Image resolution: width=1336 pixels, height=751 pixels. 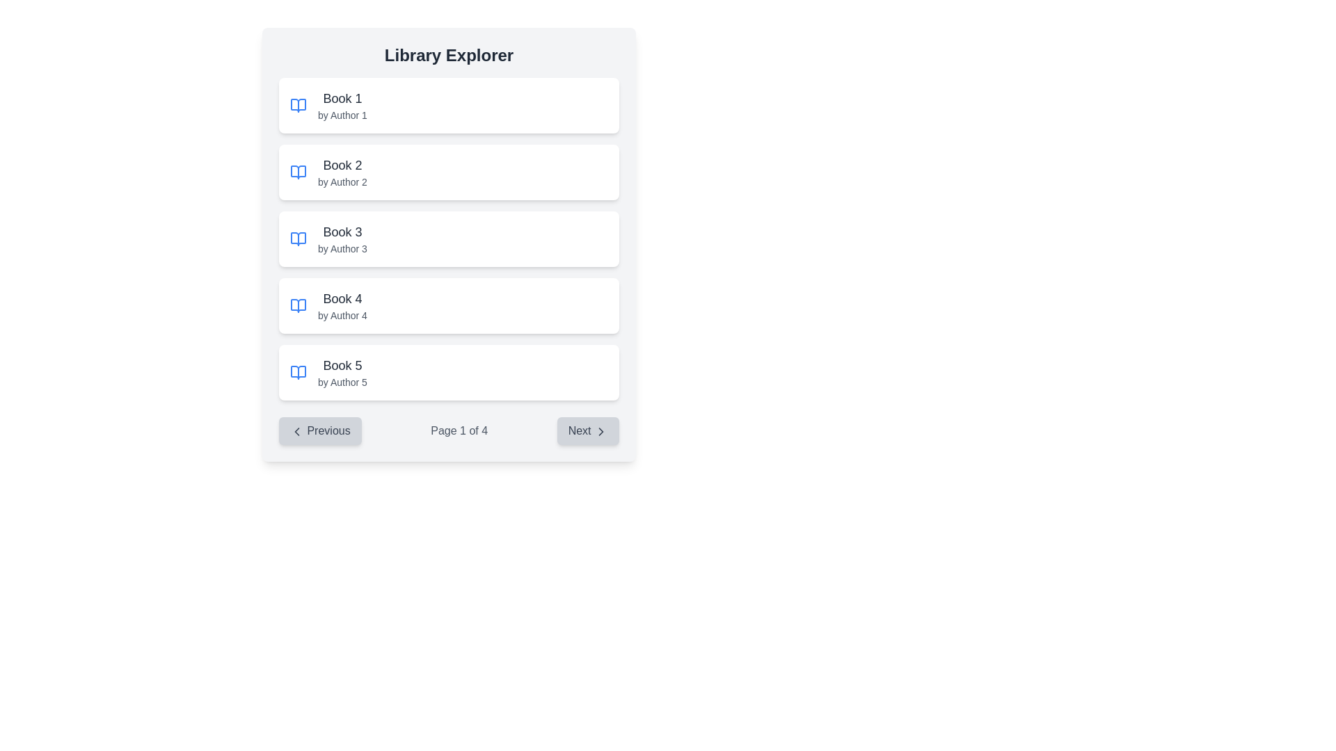 I want to click on the 'Next' button located in the bottom-right corner of the pagination interface, so click(x=588, y=430).